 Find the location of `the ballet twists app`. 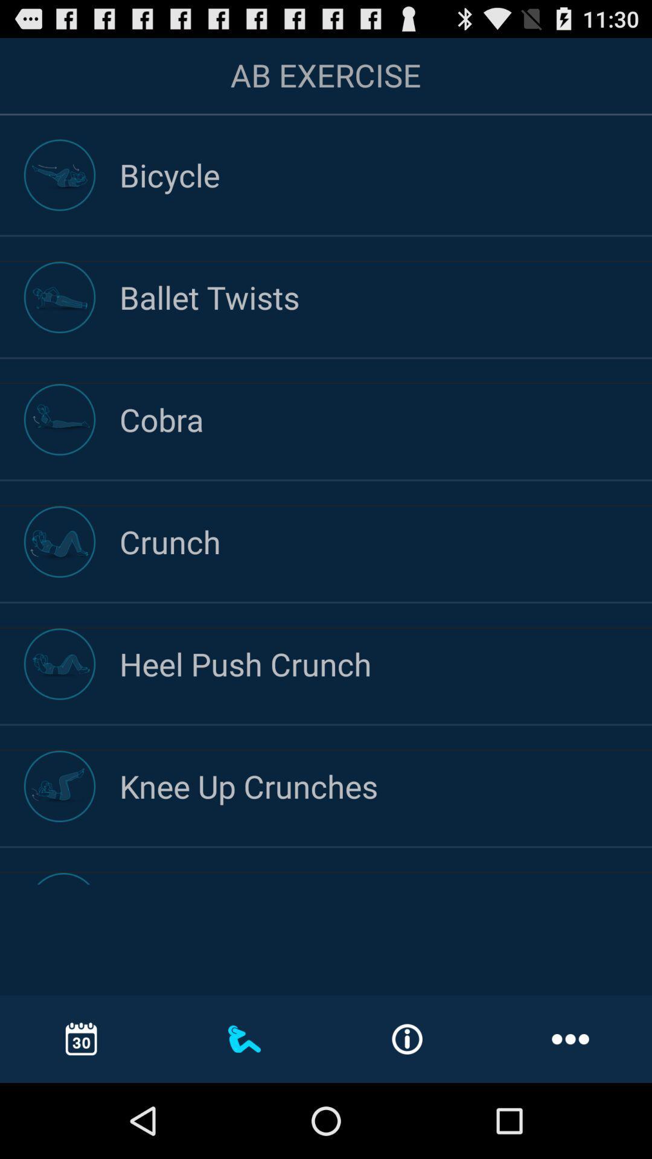

the ballet twists app is located at coordinates (386, 297).